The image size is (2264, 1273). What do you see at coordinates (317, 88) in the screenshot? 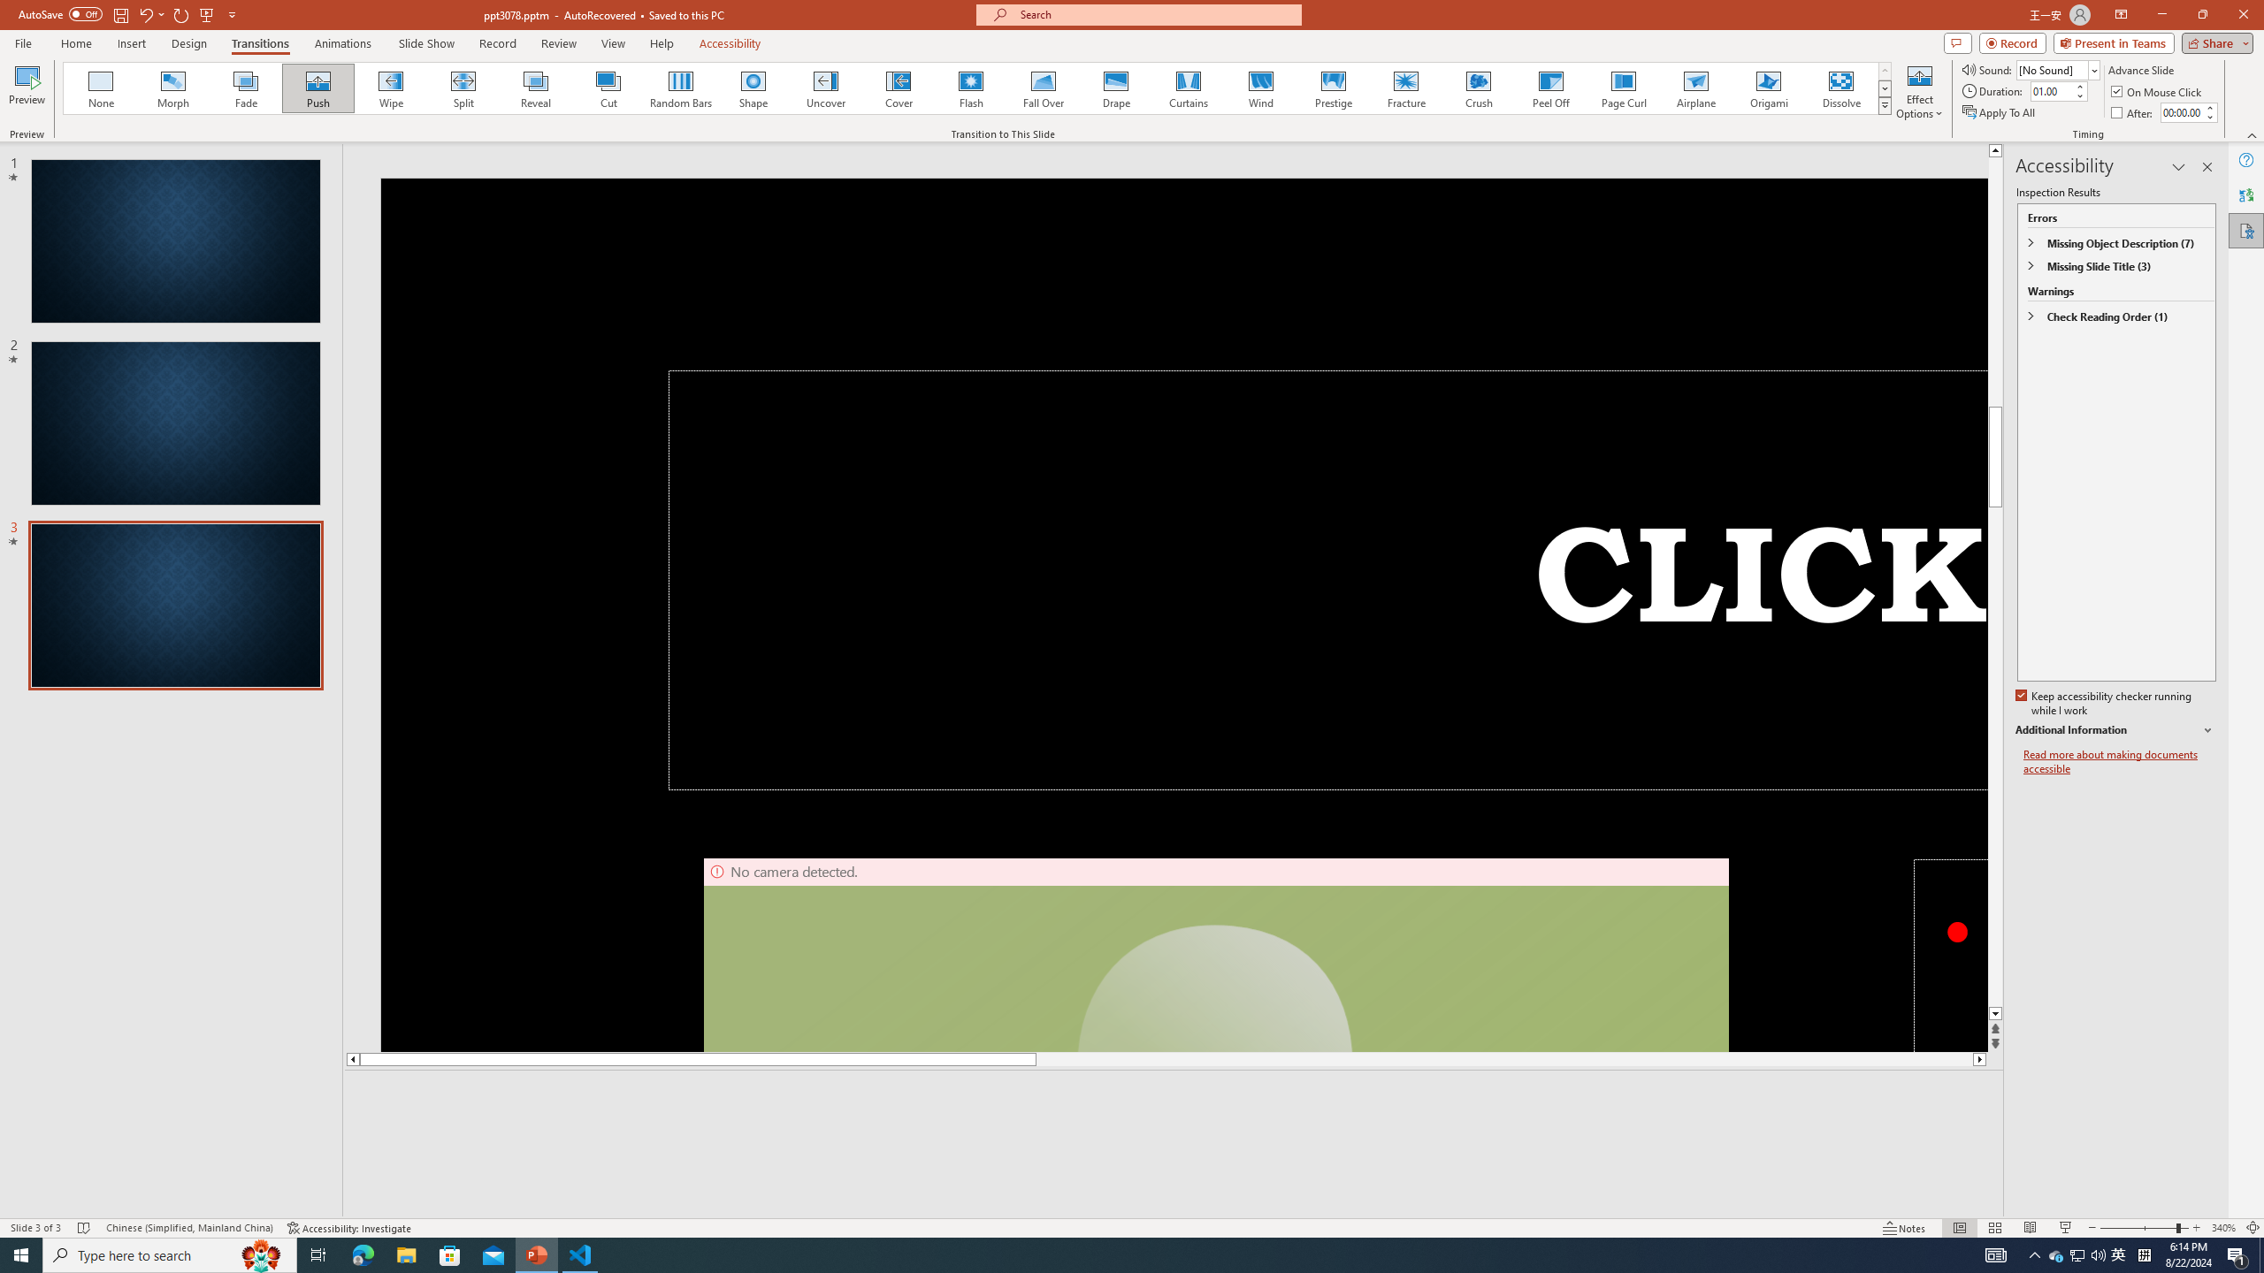
I see `'Push'` at bounding box center [317, 88].